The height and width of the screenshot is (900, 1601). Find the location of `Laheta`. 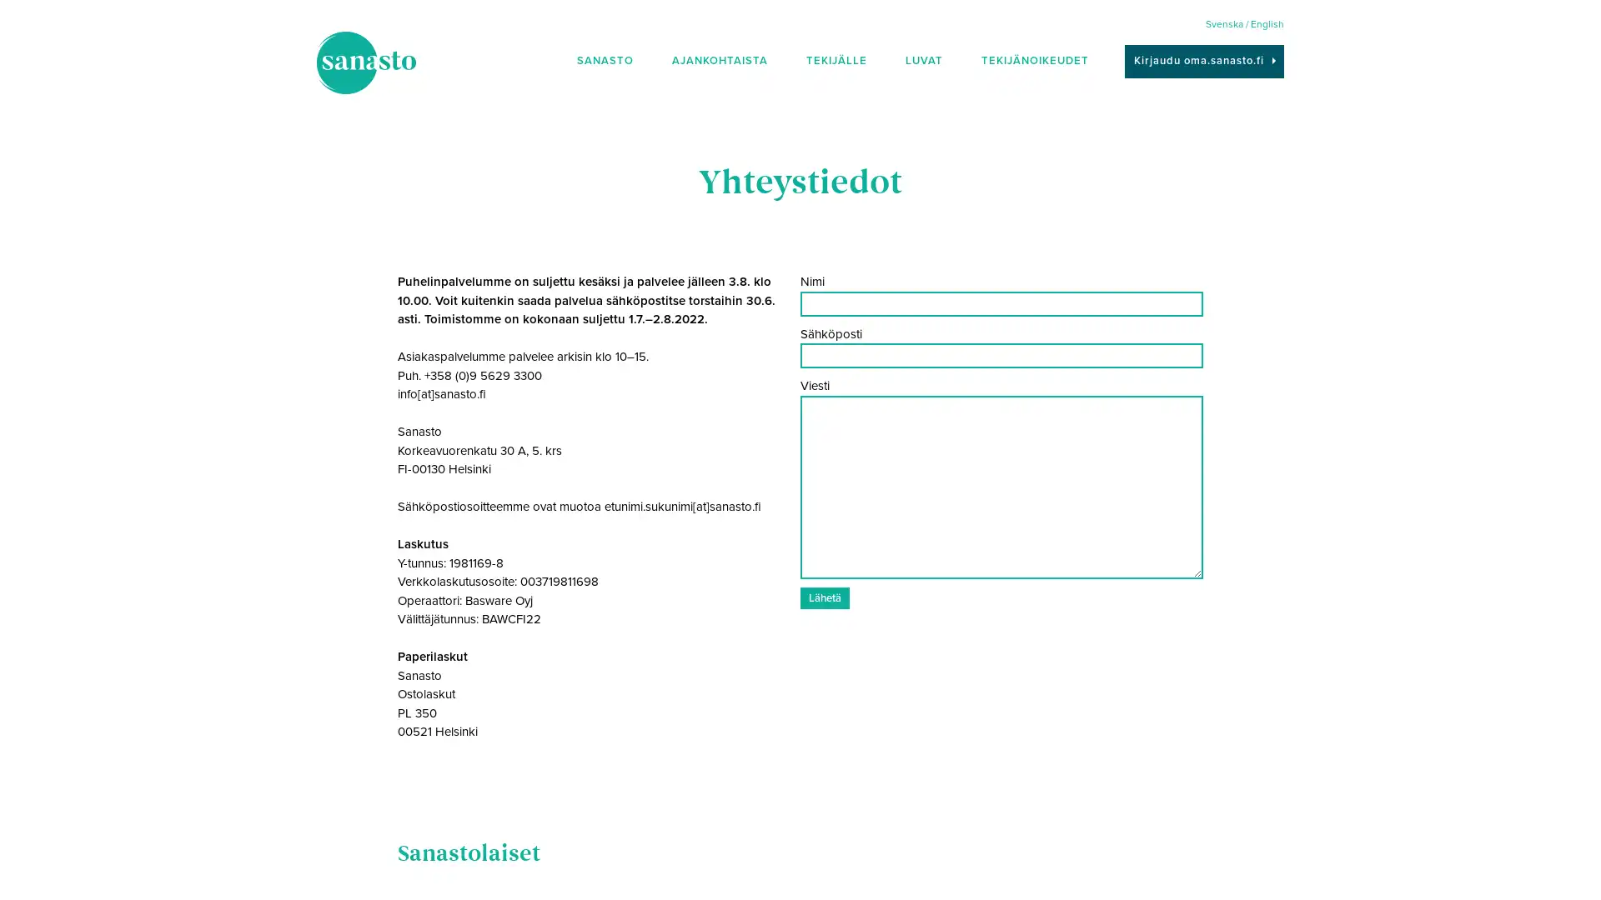

Laheta is located at coordinates (824, 597).